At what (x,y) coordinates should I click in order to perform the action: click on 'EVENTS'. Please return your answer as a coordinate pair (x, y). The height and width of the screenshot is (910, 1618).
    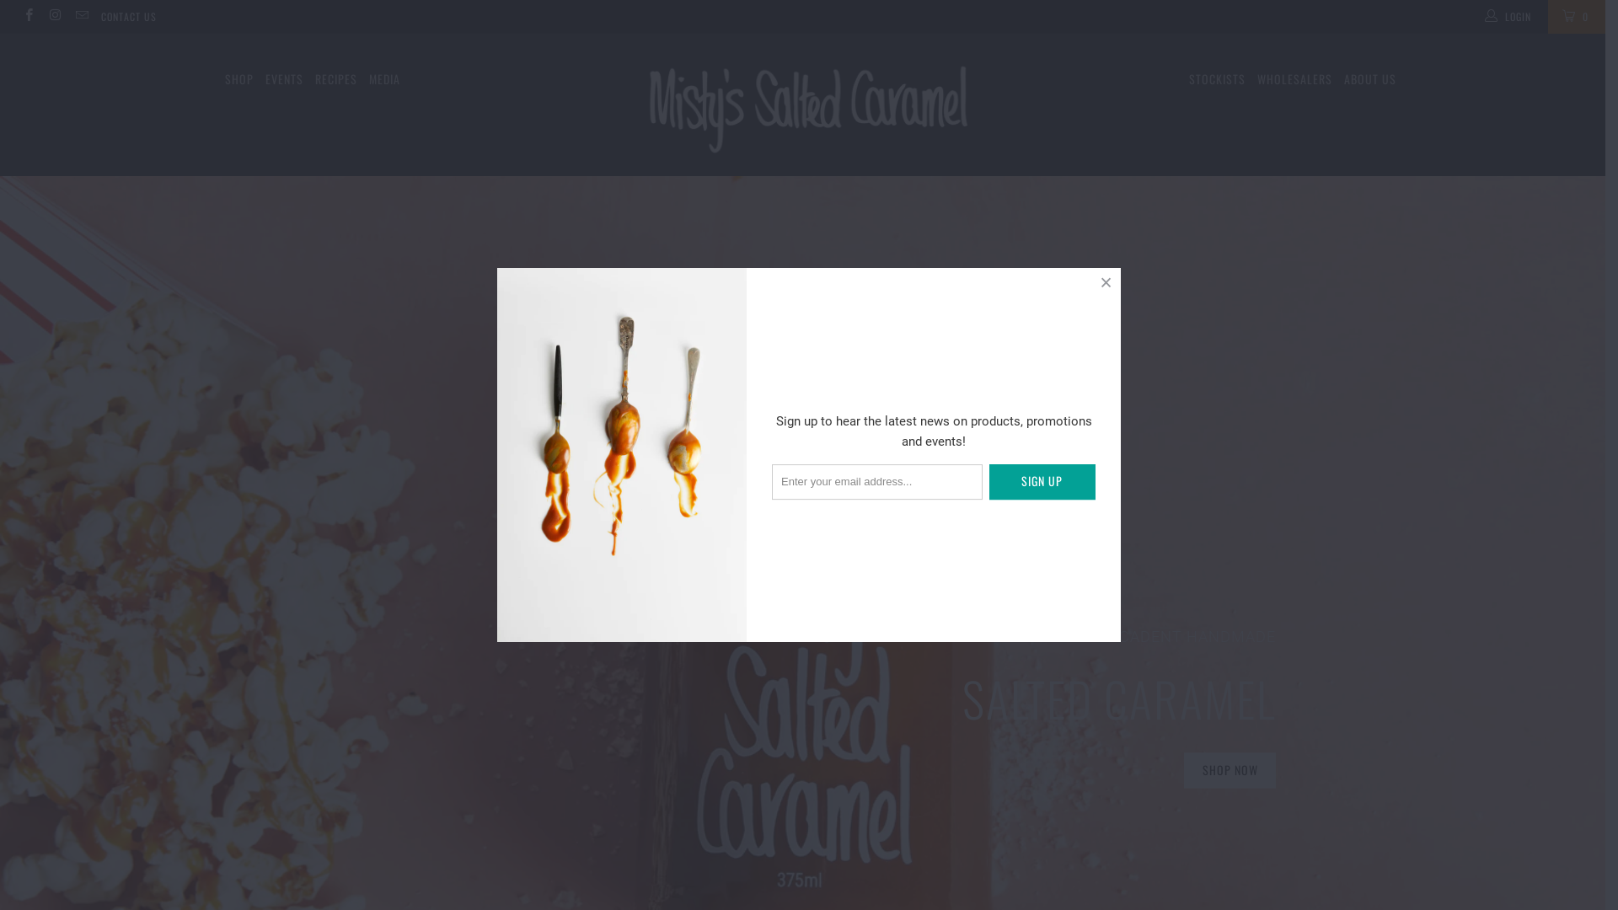
    Looking at the image, I should click on (284, 79).